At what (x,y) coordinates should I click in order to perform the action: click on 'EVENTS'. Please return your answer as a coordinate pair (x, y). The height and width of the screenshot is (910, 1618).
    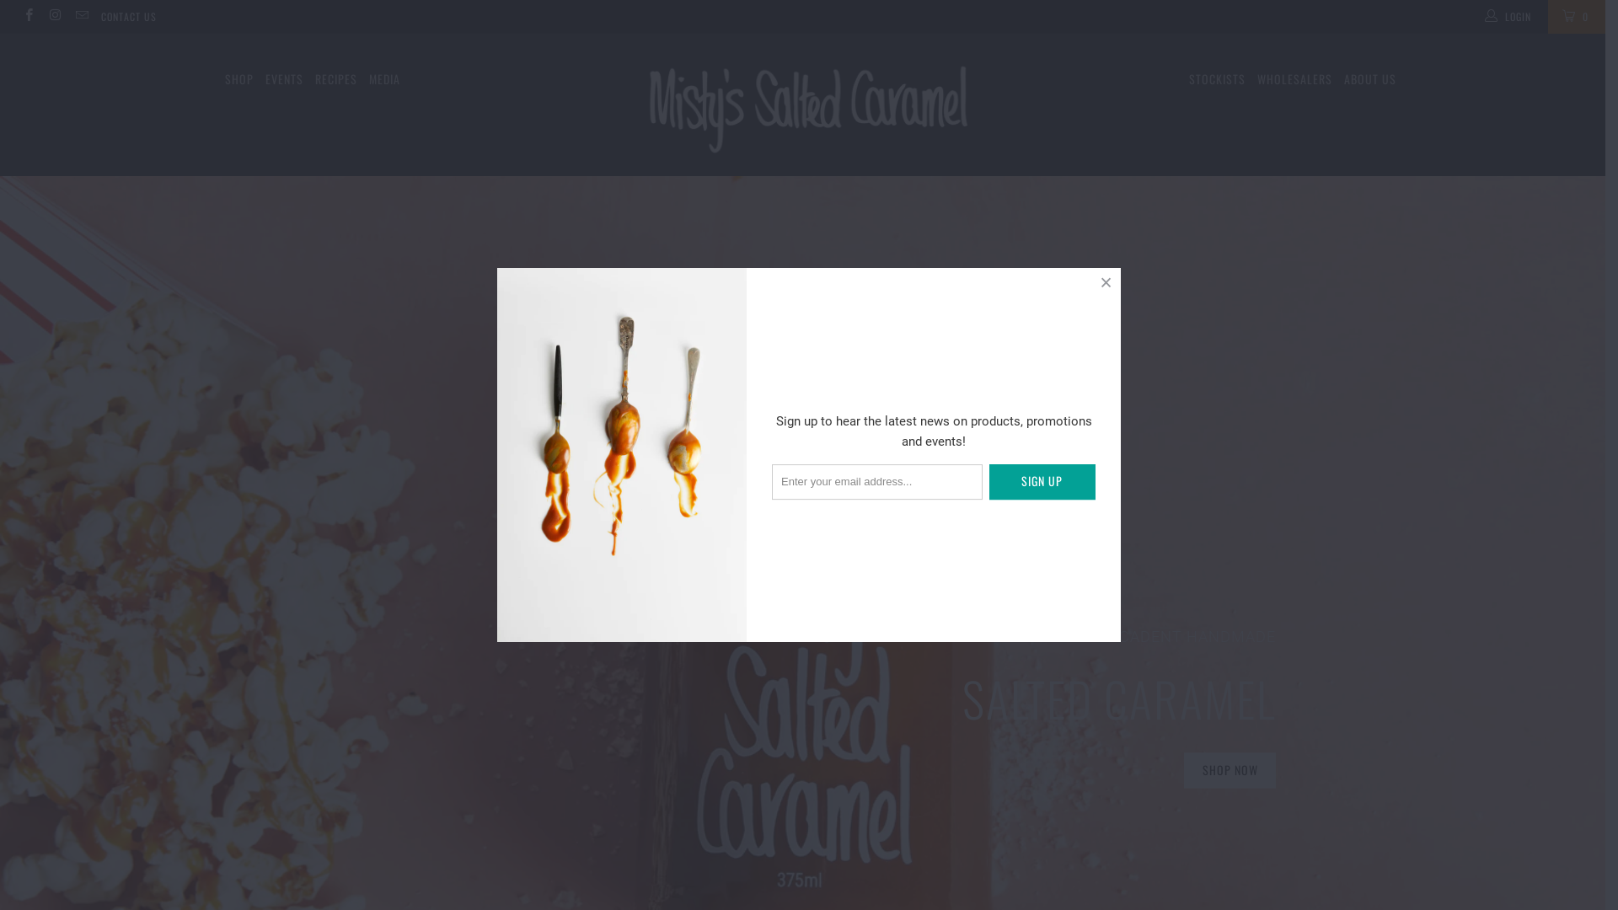
    Looking at the image, I should click on (284, 79).